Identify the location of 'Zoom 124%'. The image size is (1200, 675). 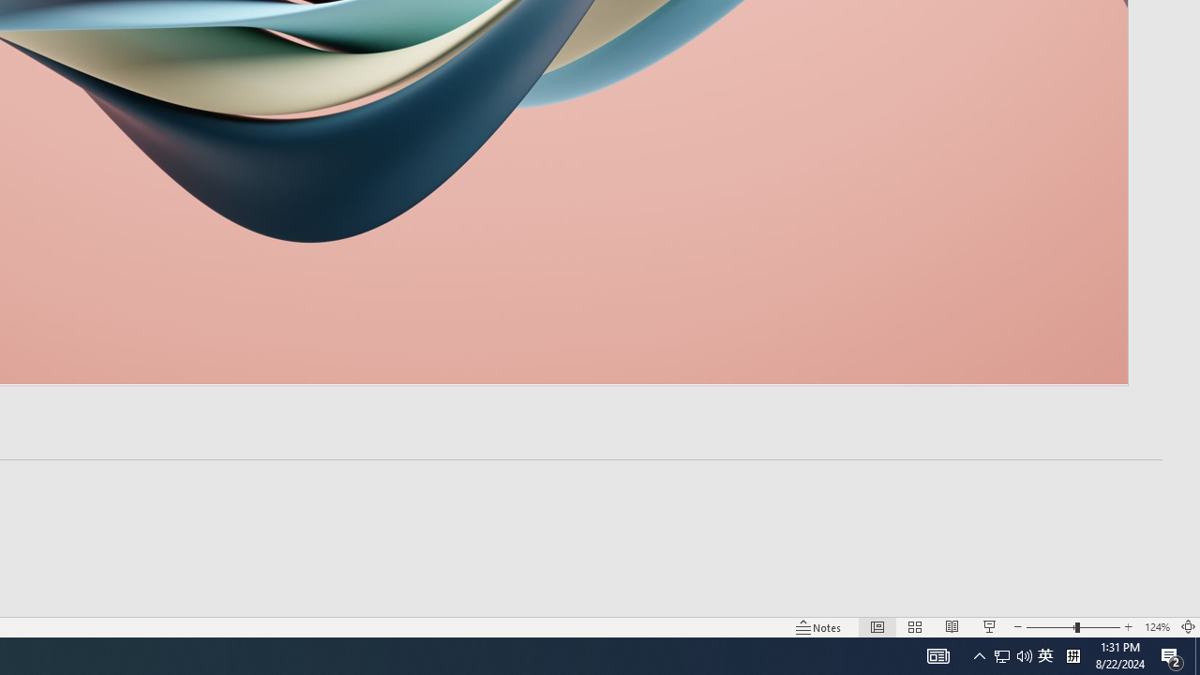
(1156, 627).